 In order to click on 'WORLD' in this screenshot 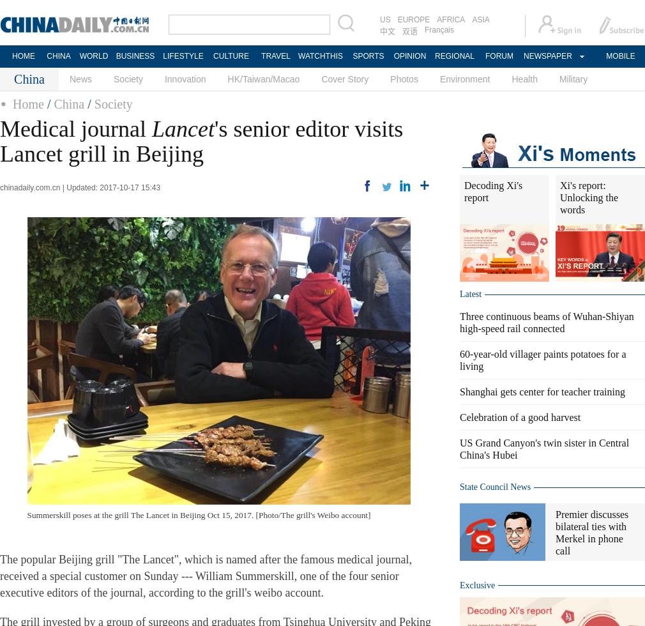, I will do `click(93, 56)`.